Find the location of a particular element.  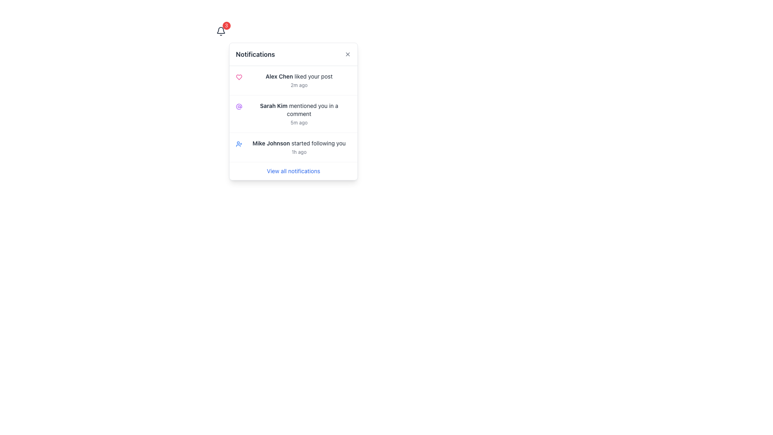

the notification entry displaying 'Alex Chen liked your post 2m ago', which includes a pink heart icon and is the first item in the notifications dropdown is located at coordinates (293, 81).